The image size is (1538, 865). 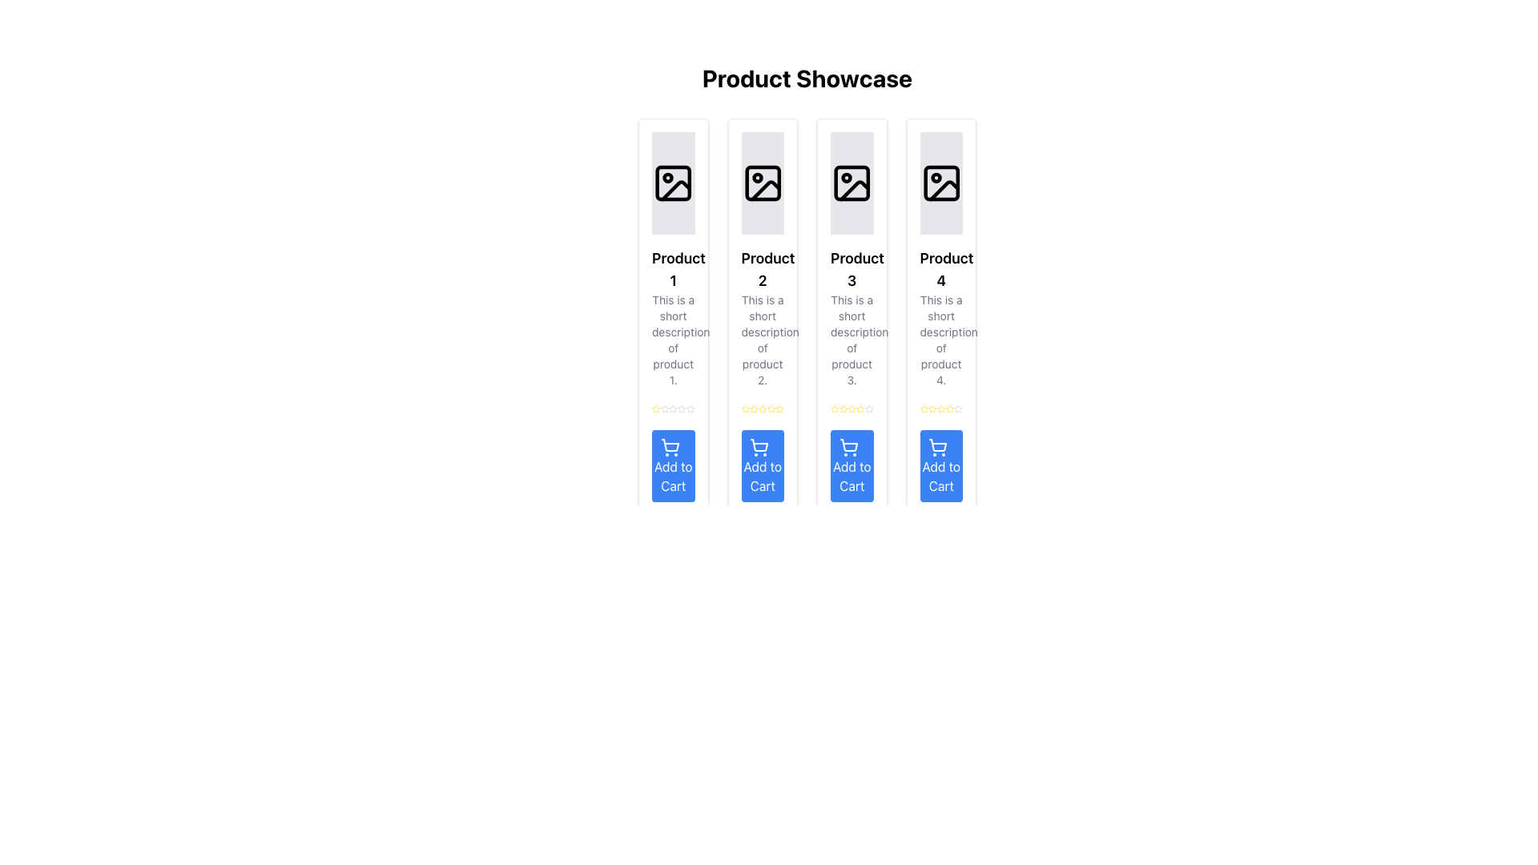 What do you see at coordinates (834, 408) in the screenshot?
I see `the first yellow star icon in the group of rating stars for 'Product 3', located beneath the product description` at bounding box center [834, 408].